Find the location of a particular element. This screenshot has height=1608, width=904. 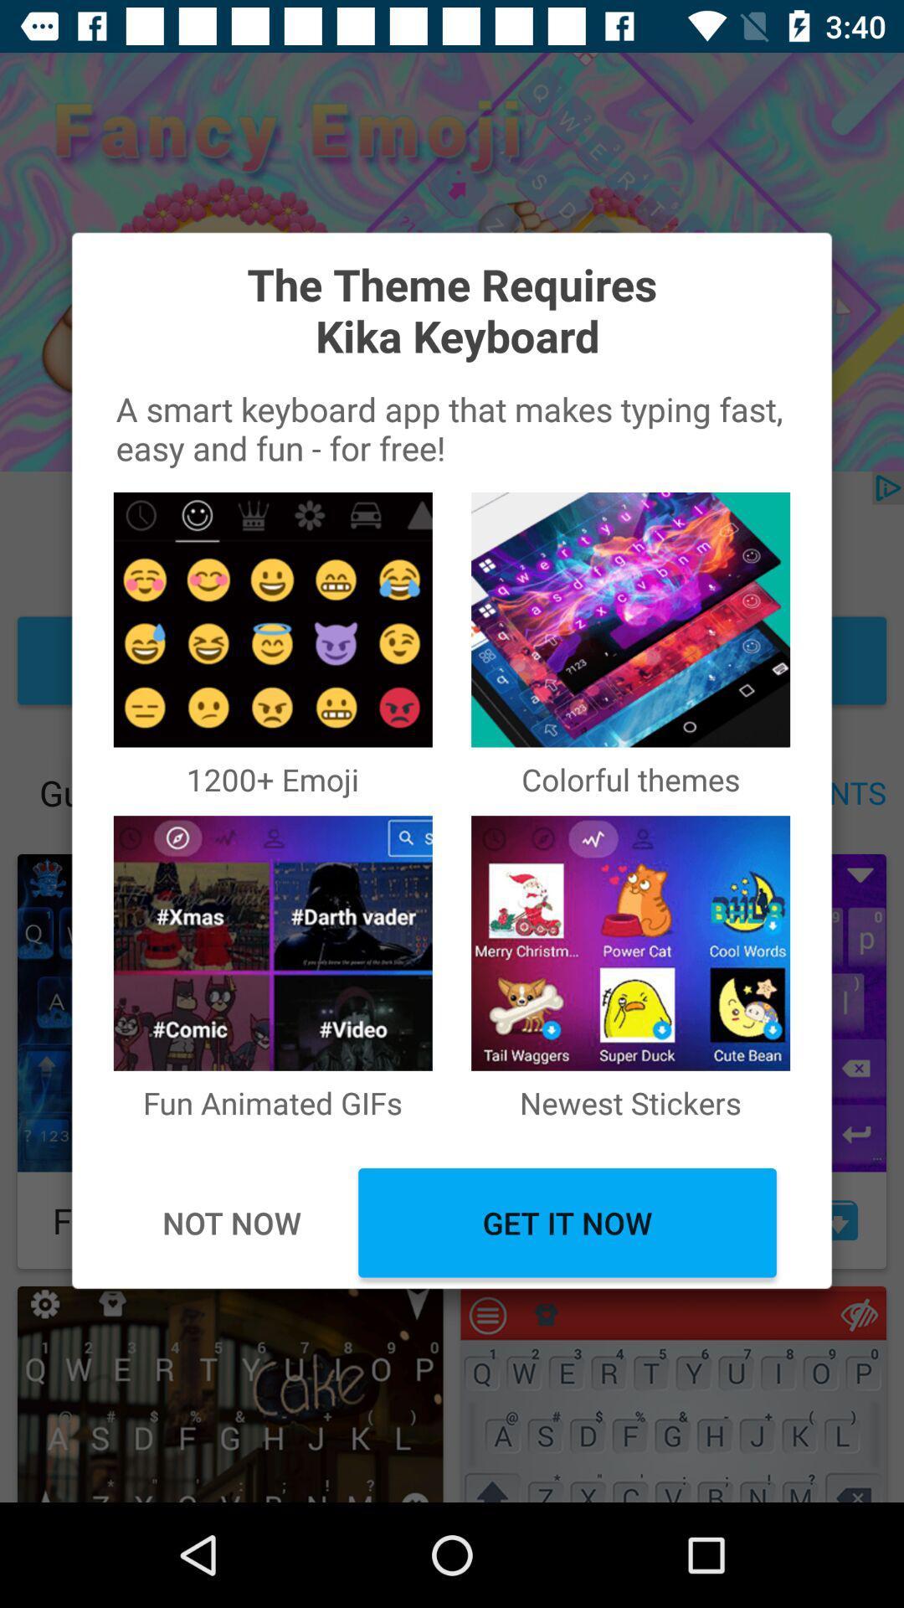

item below fun animated gifs is located at coordinates (567, 1223).